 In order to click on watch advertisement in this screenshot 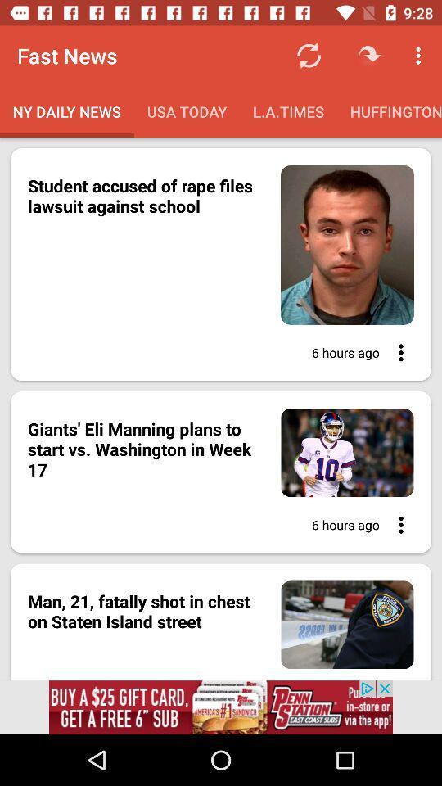, I will do `click(221, 707)`.